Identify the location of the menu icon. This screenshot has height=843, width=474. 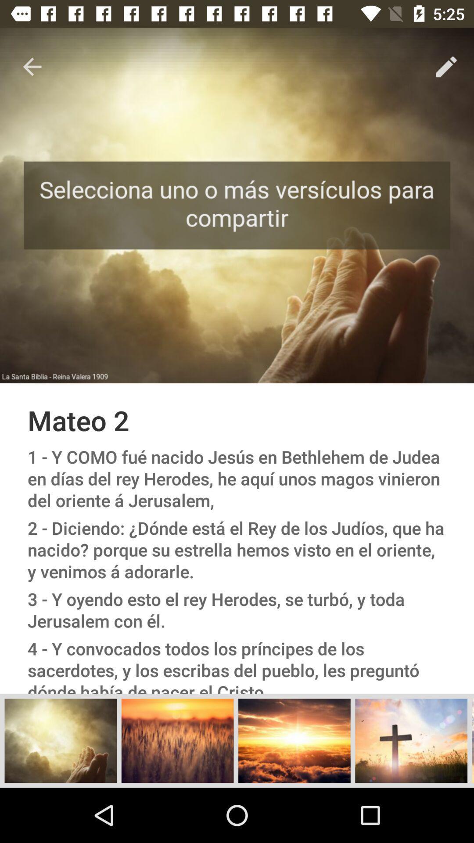
(472, 740).